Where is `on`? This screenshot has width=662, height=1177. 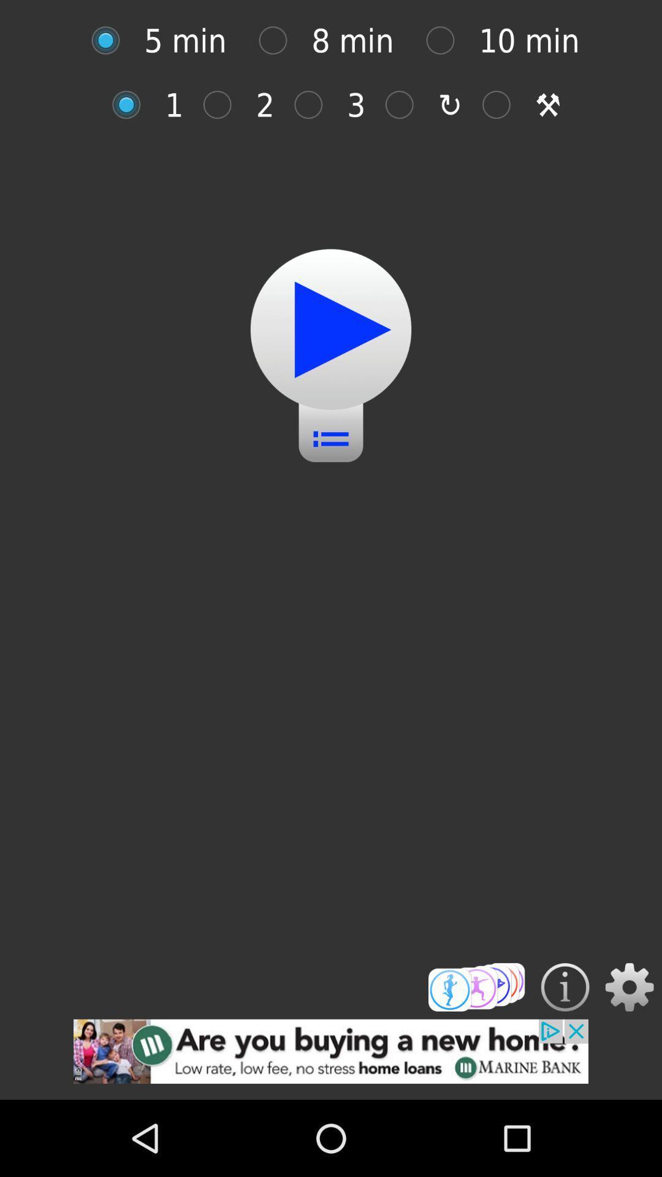
on is located at coordinates (132, 105).